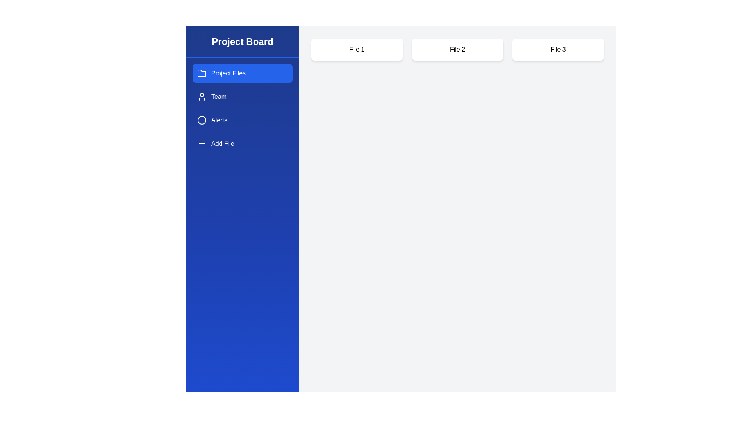 The image size is (750, 422). I want to click on folder-shaped icon located at the leftmost part of the 'Project Files' button in the sidebar for UI debugging, so click(202, 73).